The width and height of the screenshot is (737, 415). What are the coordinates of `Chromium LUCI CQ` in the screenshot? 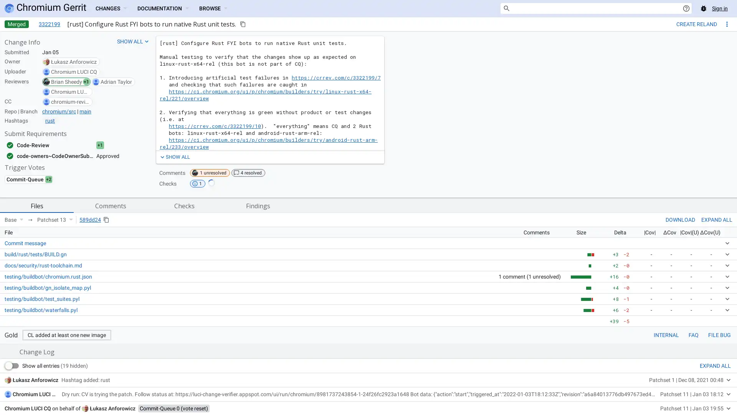 It's located at (74, 71).